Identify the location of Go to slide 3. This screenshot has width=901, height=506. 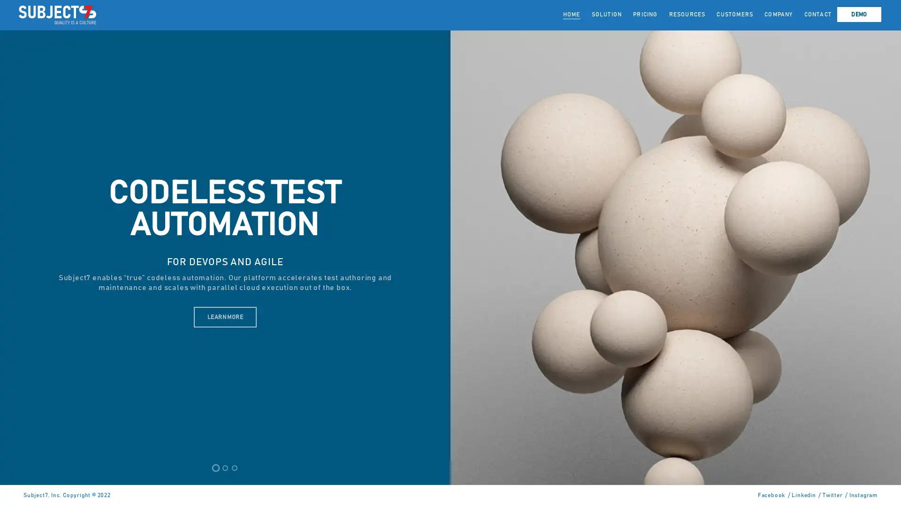
(234, 462).